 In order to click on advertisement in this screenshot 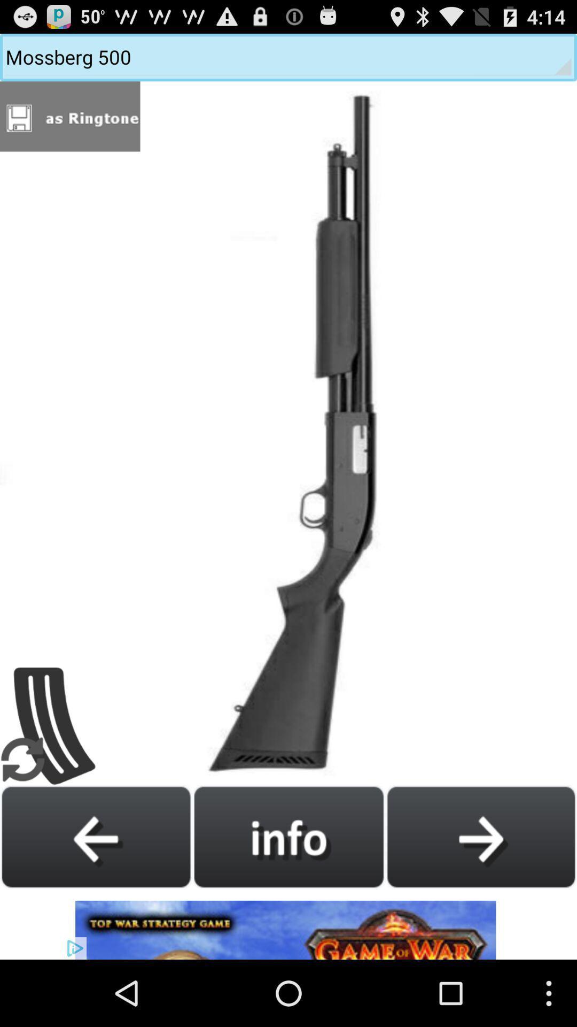, I will do `click(288, 924)`.